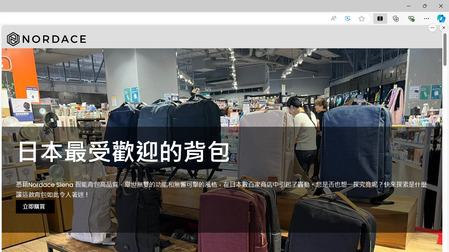 This screenshot has width=449, height=252. I want to click on 'Minimize', so click(408, 6).